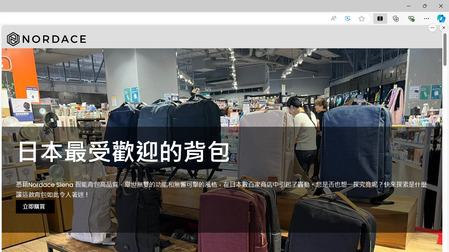 This screenshot has width=449, height=252. I want to click on 'Minimize', so click(408, 6).